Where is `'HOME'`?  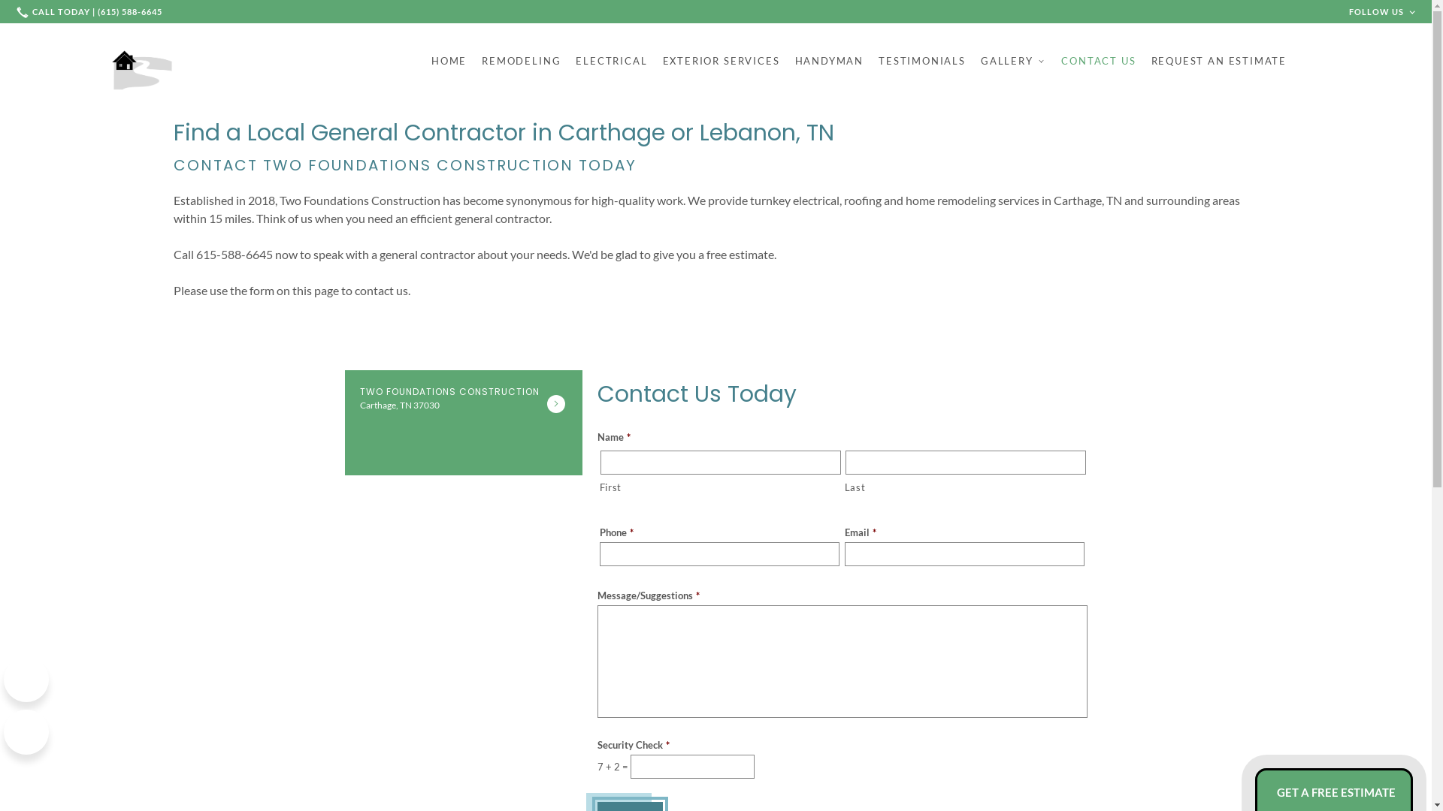
'HOME' is located at coordinates (448, 60).